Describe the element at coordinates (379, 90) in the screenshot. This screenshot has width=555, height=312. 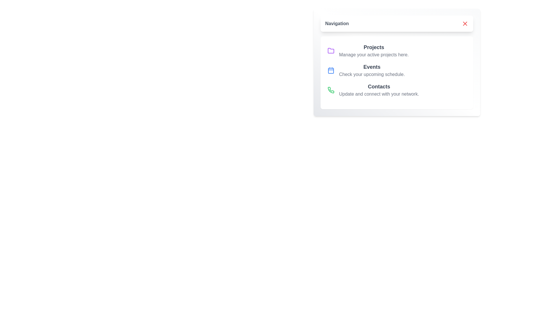
I see `the 'Contacts' menu item to view its content` at that location.